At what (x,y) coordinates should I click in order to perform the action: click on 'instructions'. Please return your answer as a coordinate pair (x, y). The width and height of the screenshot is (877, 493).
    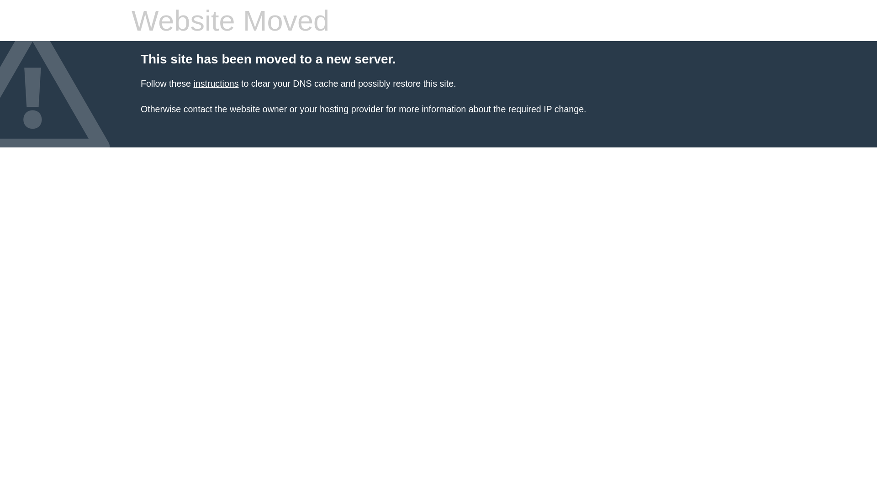
    Looking at the image, I should click on (192, 83).